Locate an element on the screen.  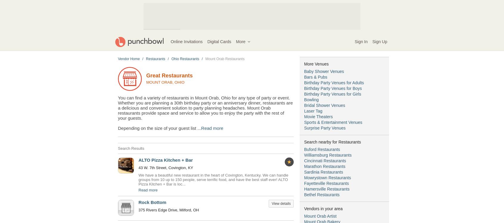
'We have a beautiful new restaurant in the heart of Covington, Kentucky. We can handle groups from 10 up to 150 people, serve terrific food, and have the best staff ever! ALTO Pizza Kitchen + Bar is loc...' is located at coordinates (213, 179).